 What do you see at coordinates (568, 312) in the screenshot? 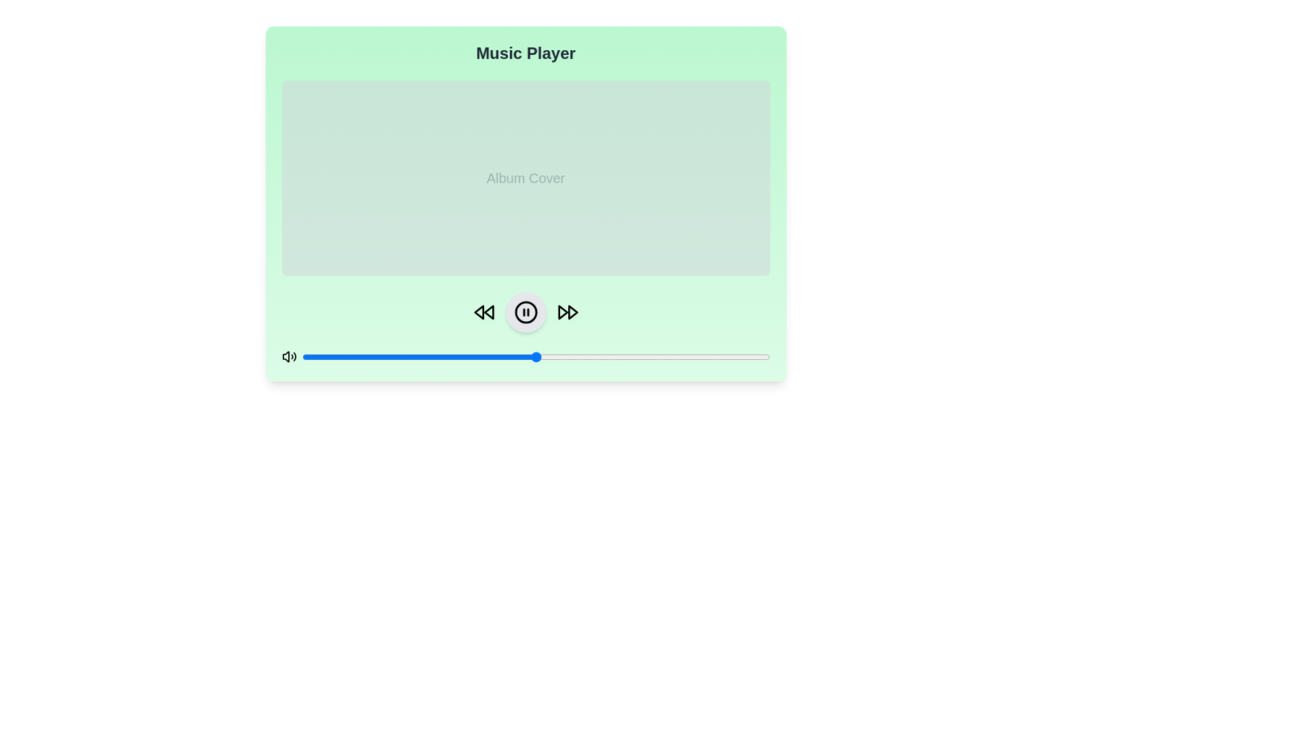
I see `the 'fast-forward' control button in the music player to skip to the next track, located at the bottom-central part of the interface, rightmost among three control buttons` at bounding box center [568, 312].